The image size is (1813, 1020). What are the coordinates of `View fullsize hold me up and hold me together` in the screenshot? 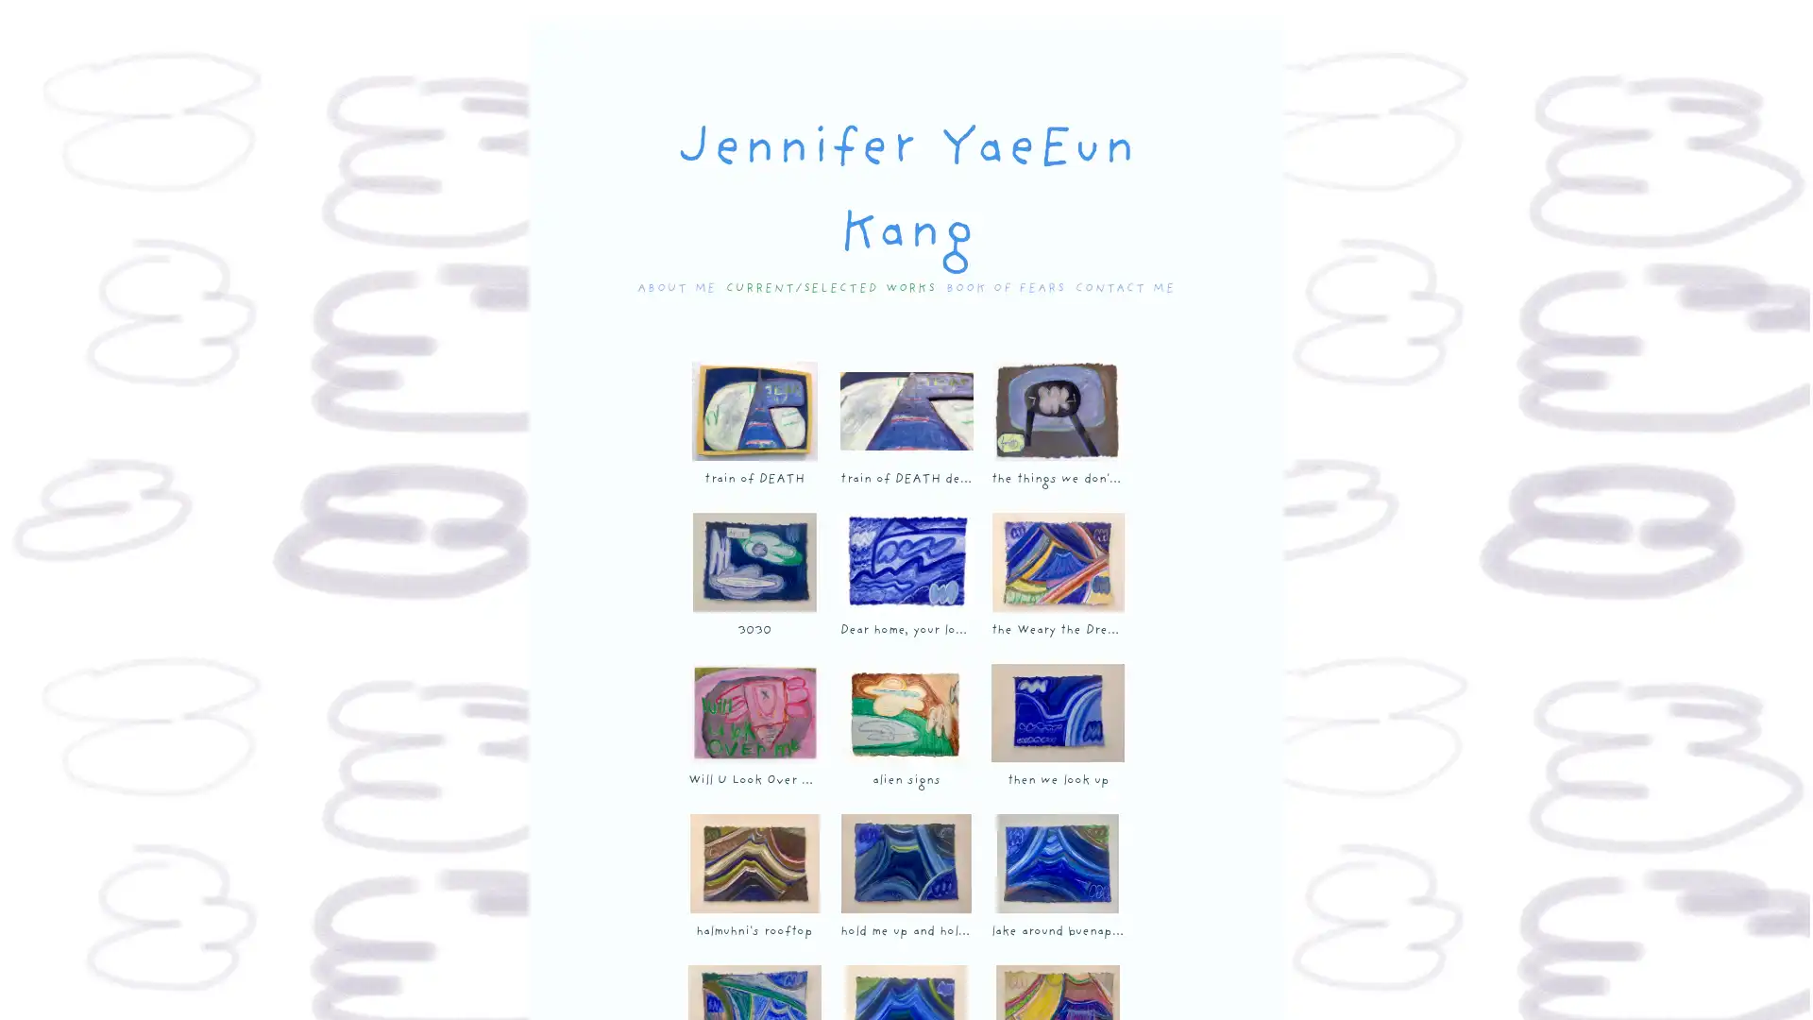 It's located at (905, 863).